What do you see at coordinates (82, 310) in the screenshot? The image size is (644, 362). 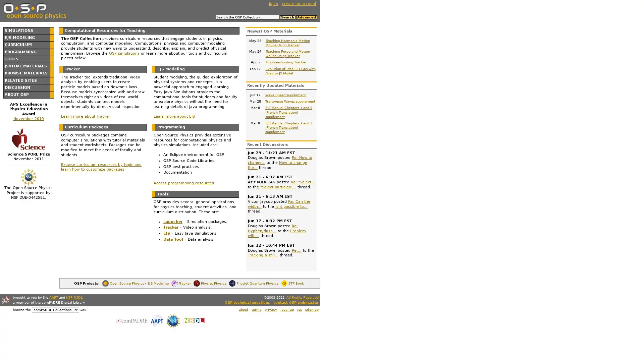 I see `Go` at bounding box center [82, 310].